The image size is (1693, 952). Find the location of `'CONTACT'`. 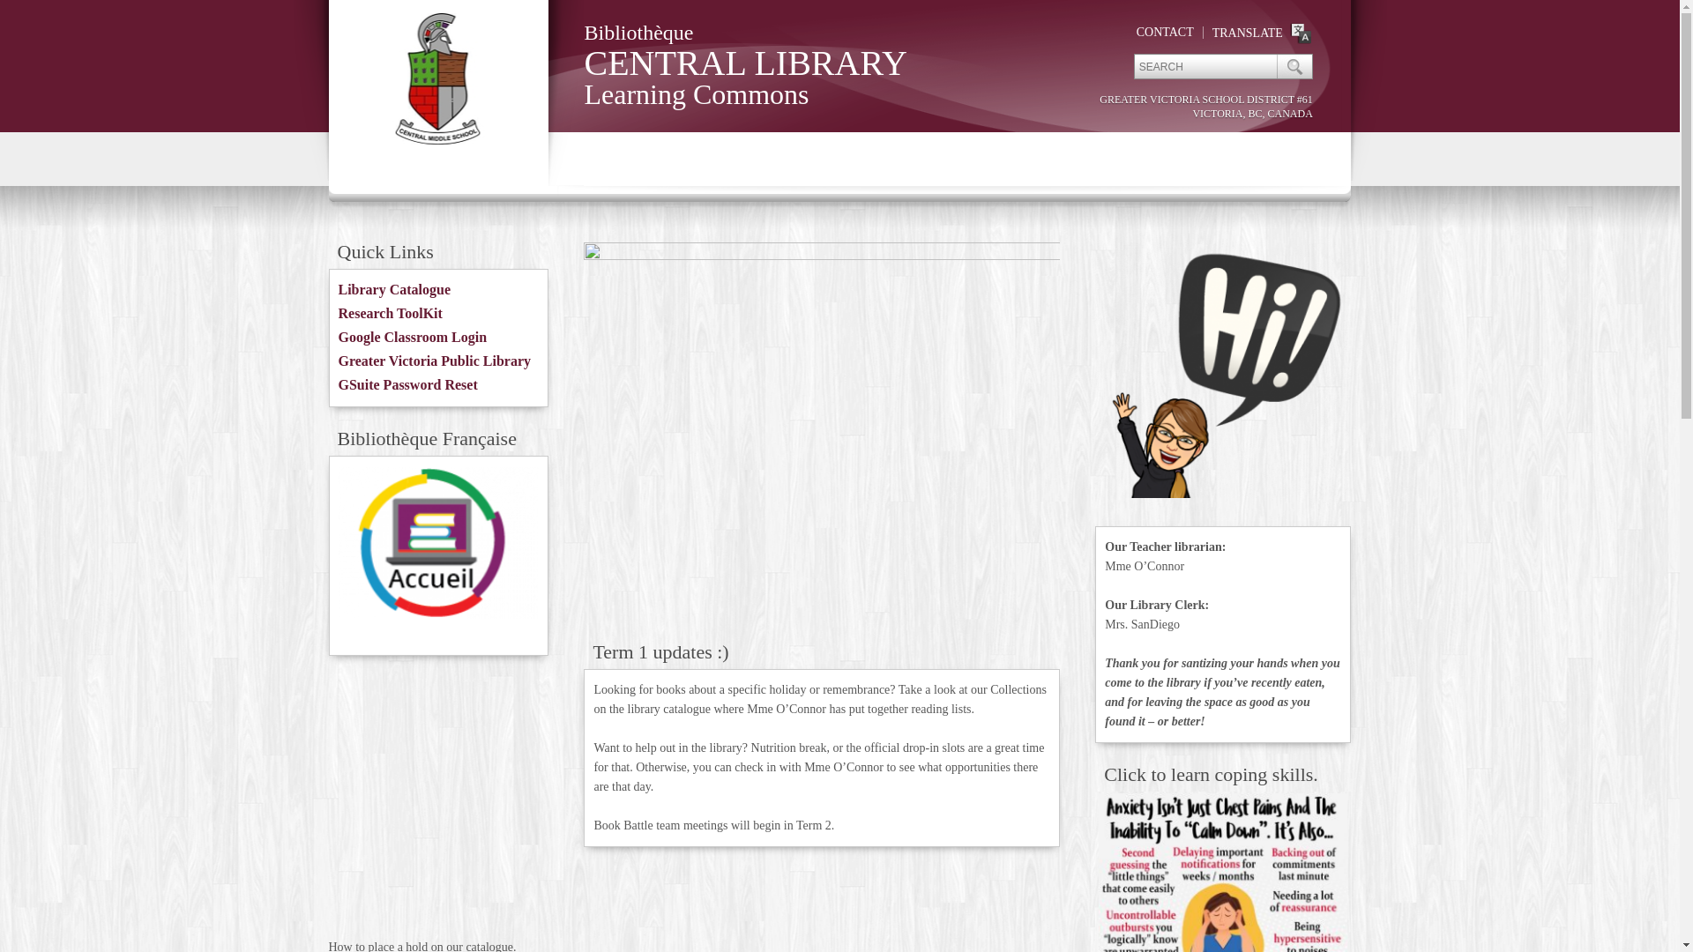

'CONTACT' is located at coordinates (1165, 32).